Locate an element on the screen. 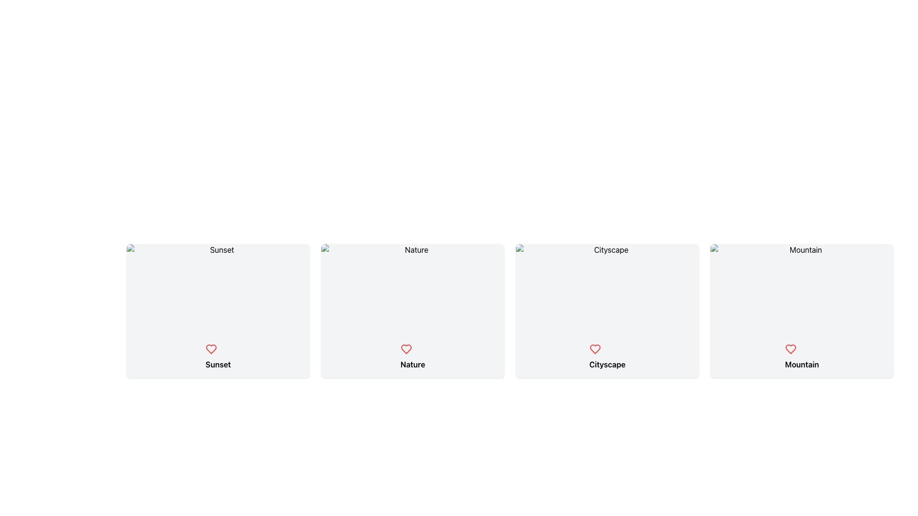 This screenshot has width=918, height=516. the liking icon at the bottom center of the 'Mountain' card is located at coordinates (791, 349).